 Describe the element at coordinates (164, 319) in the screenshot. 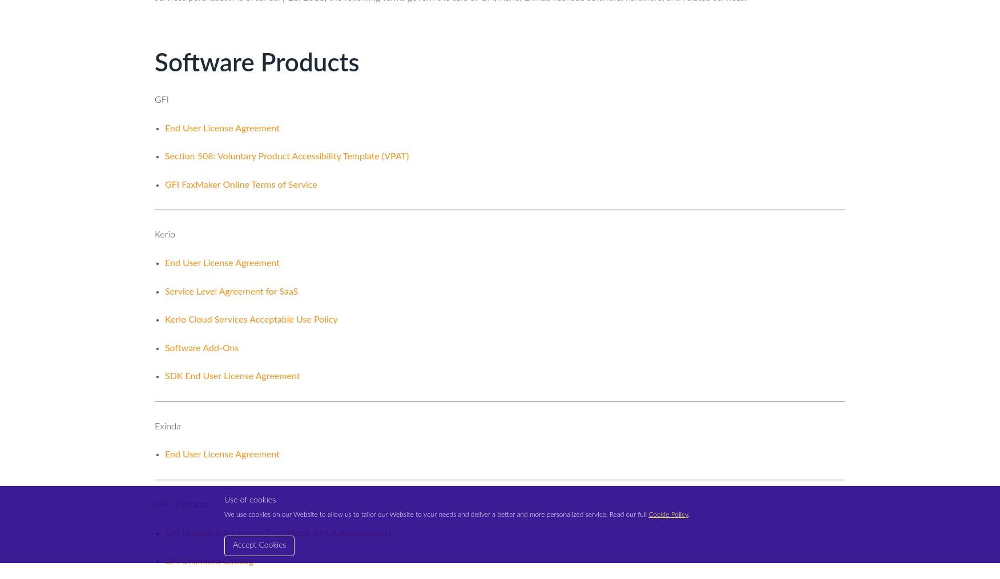

I see `'Kerio Cloud Services Acceptable Use Policy'` at that location.